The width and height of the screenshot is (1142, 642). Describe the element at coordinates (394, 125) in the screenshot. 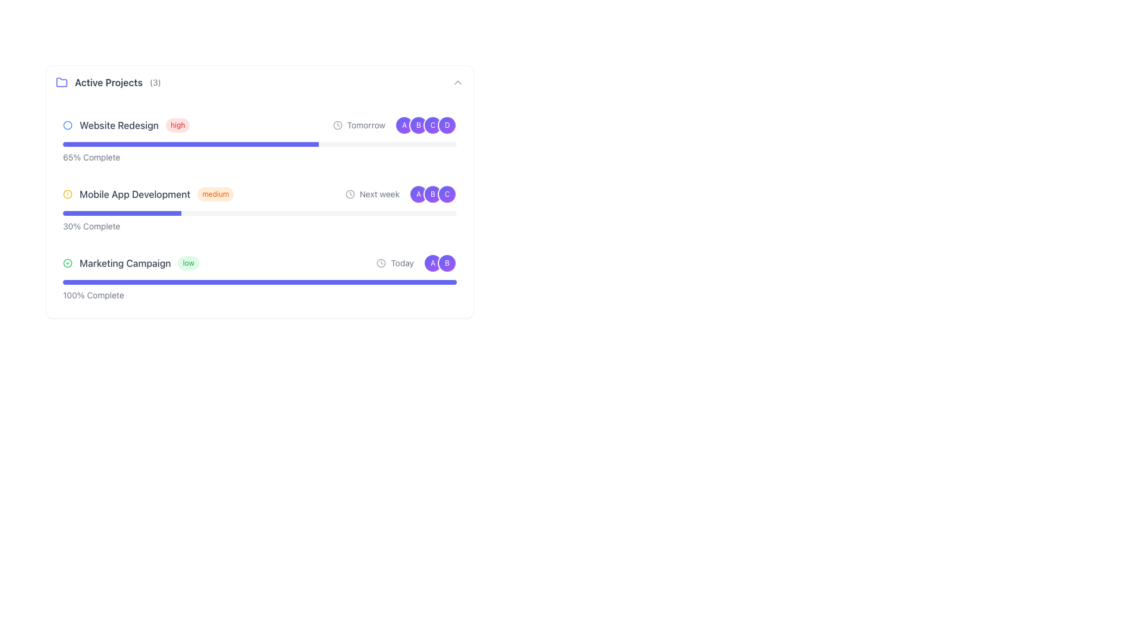

I see `the Composite display element labeled 'Tomorrow' with badges 'A', 'B', 'C', and 'D' in the 'Active Projects' list` at that location.